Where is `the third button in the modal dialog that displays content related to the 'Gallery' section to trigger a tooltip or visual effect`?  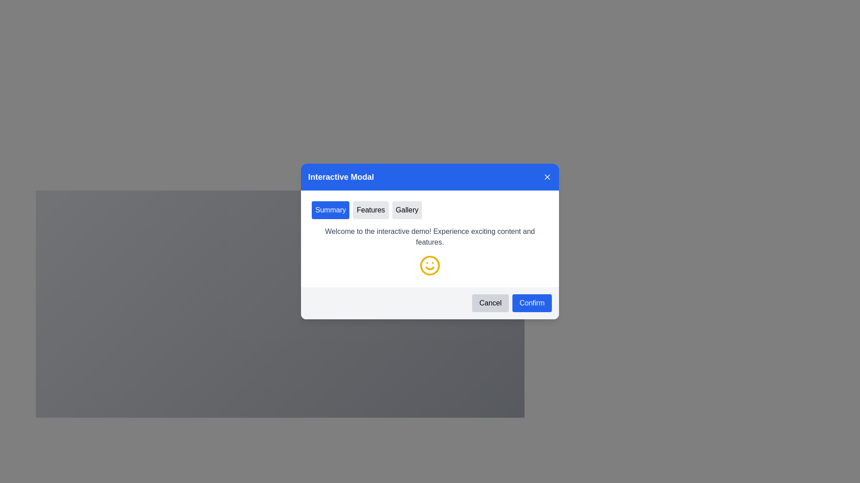 the third button in the modal dialog that displays content related to the 'Gallery' section to trigger a tooltip or visual effect is located at coordinates (406, 210).